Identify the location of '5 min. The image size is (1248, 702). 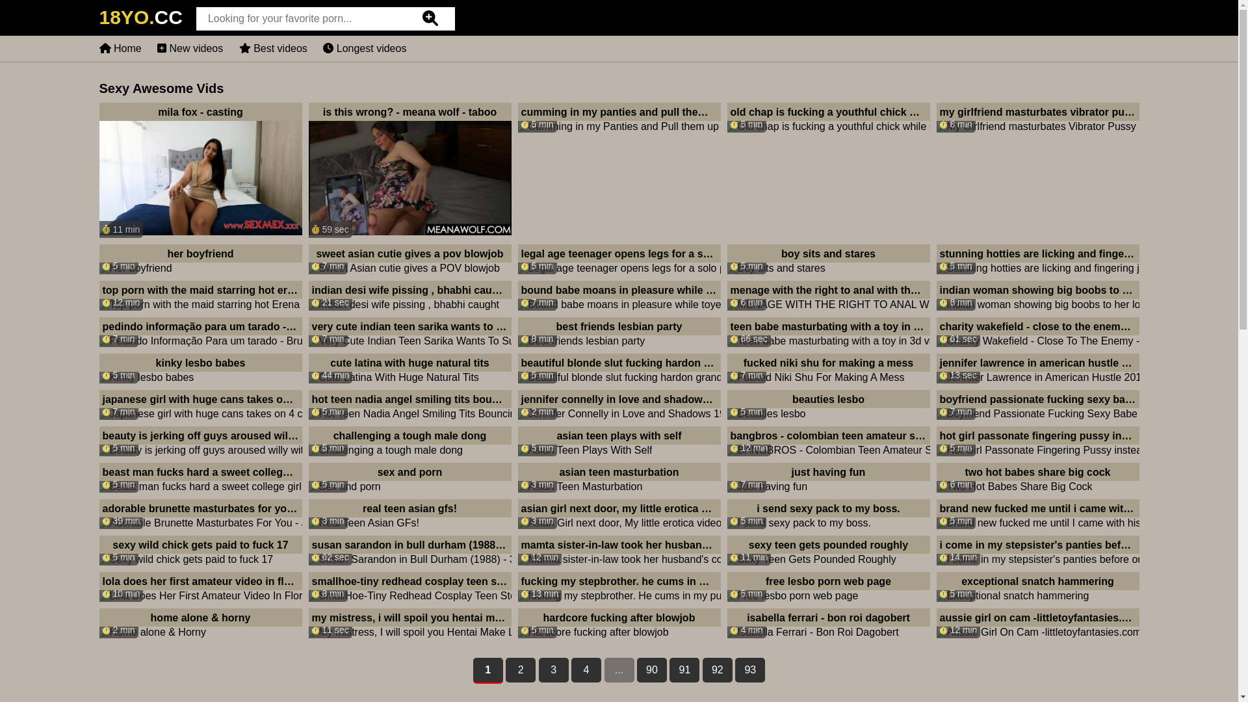
(617, 440).